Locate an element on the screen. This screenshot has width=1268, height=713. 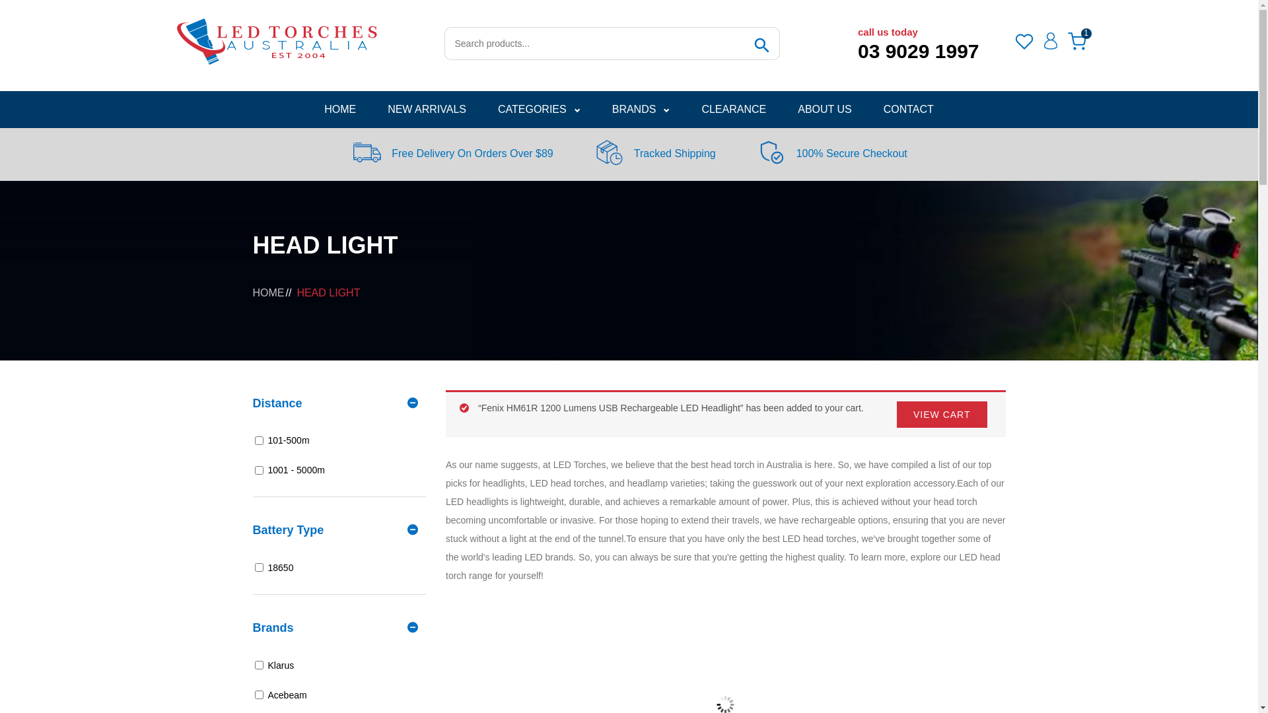
'1' is located at coordinates (1076, 40).